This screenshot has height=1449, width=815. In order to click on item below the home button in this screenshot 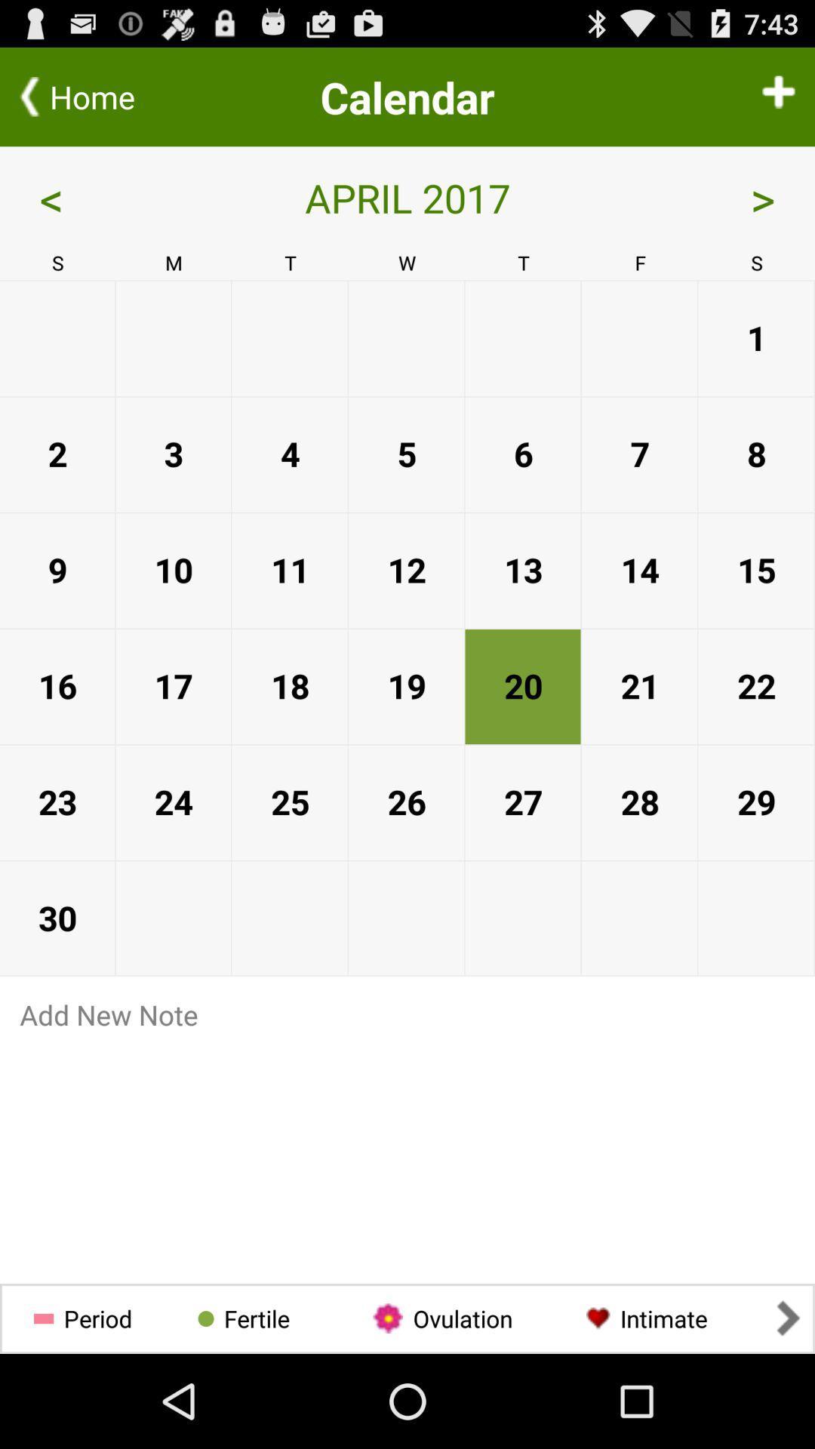, I will do `click(102, 197)`.